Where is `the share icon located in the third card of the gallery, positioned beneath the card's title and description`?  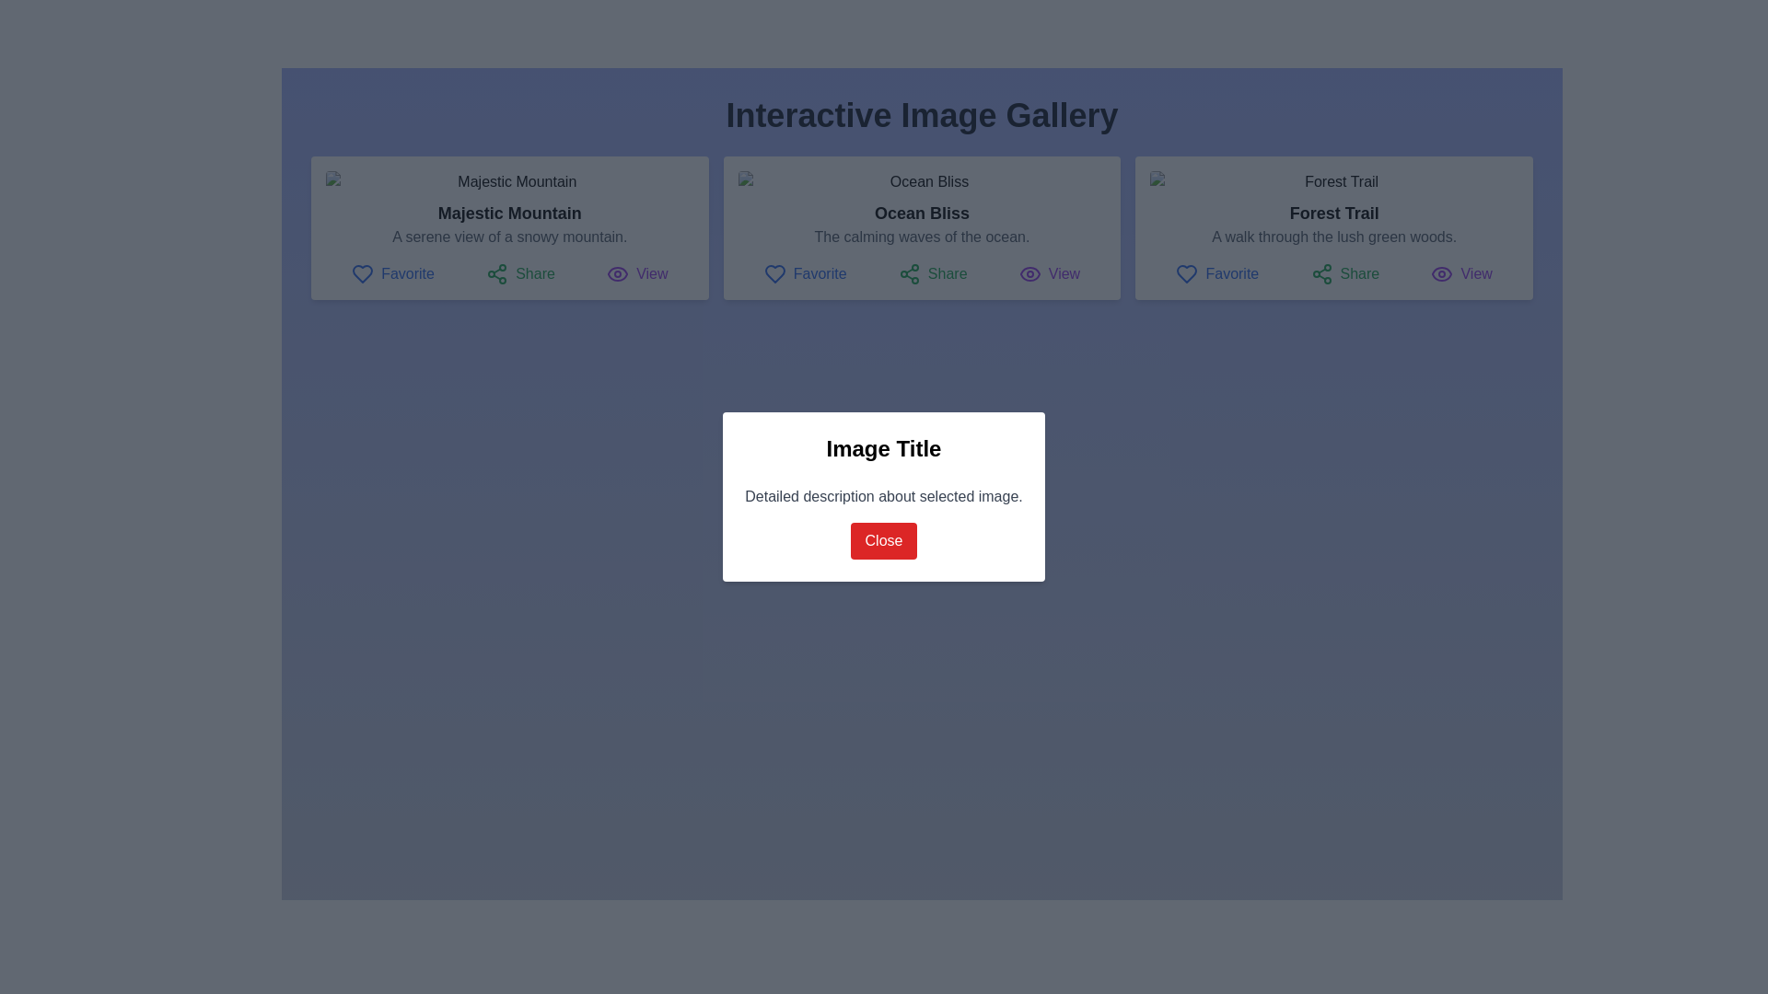
the share icon located in the third card of the gallery, positioned beneath the card's title and description is located at coordinates (1320, 273).